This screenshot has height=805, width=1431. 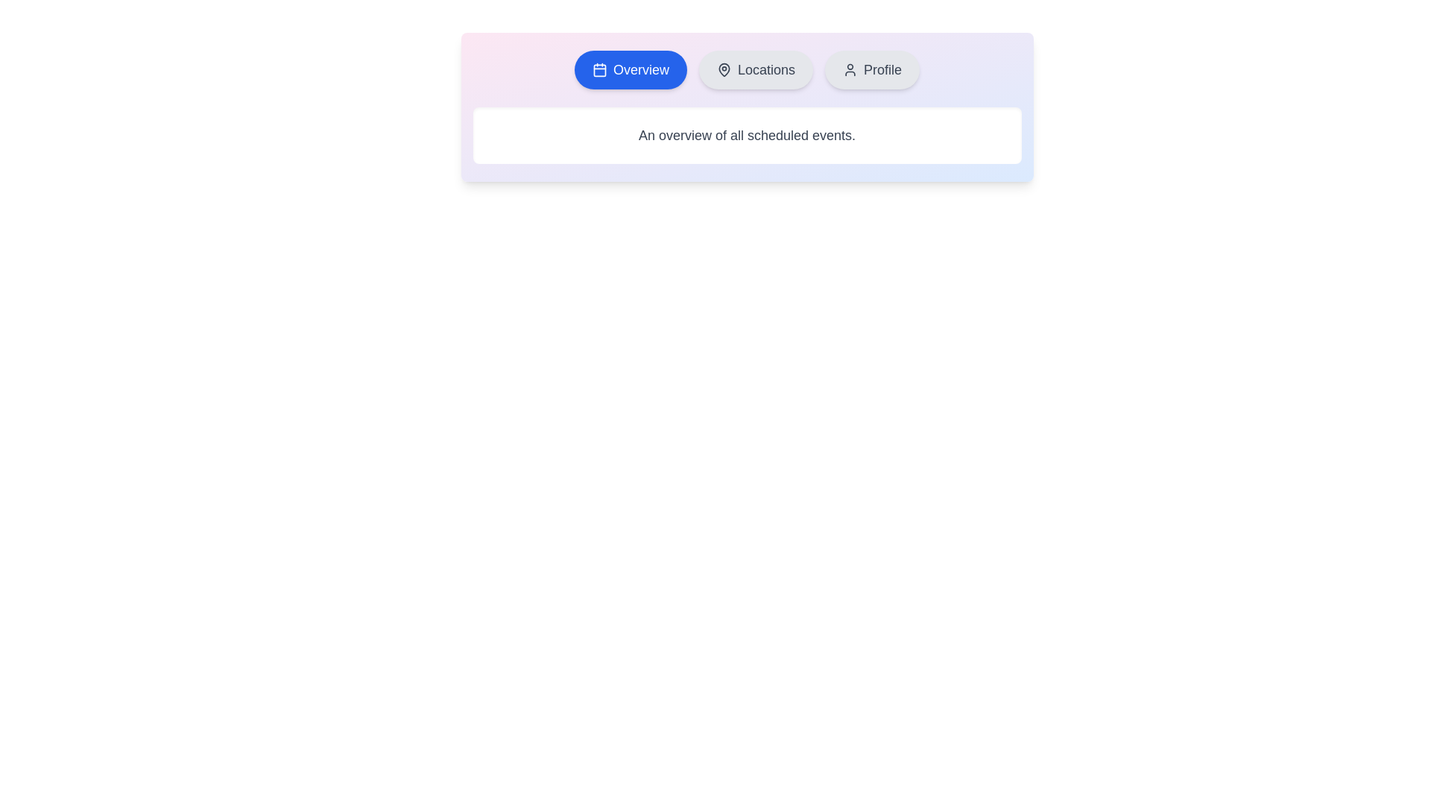 What do you see at coordinates (631, 69) in the screenshot?
I see `the tab labeled Overview` at bounding box center [631, 69].